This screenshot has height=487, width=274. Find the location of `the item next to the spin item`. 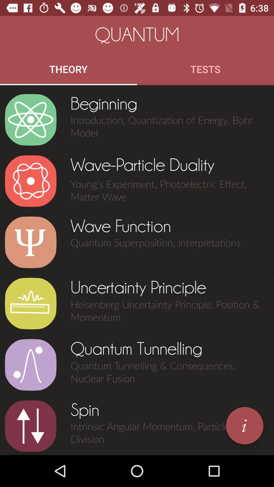

the item next to the spin item is located at coordinates (30, 426).